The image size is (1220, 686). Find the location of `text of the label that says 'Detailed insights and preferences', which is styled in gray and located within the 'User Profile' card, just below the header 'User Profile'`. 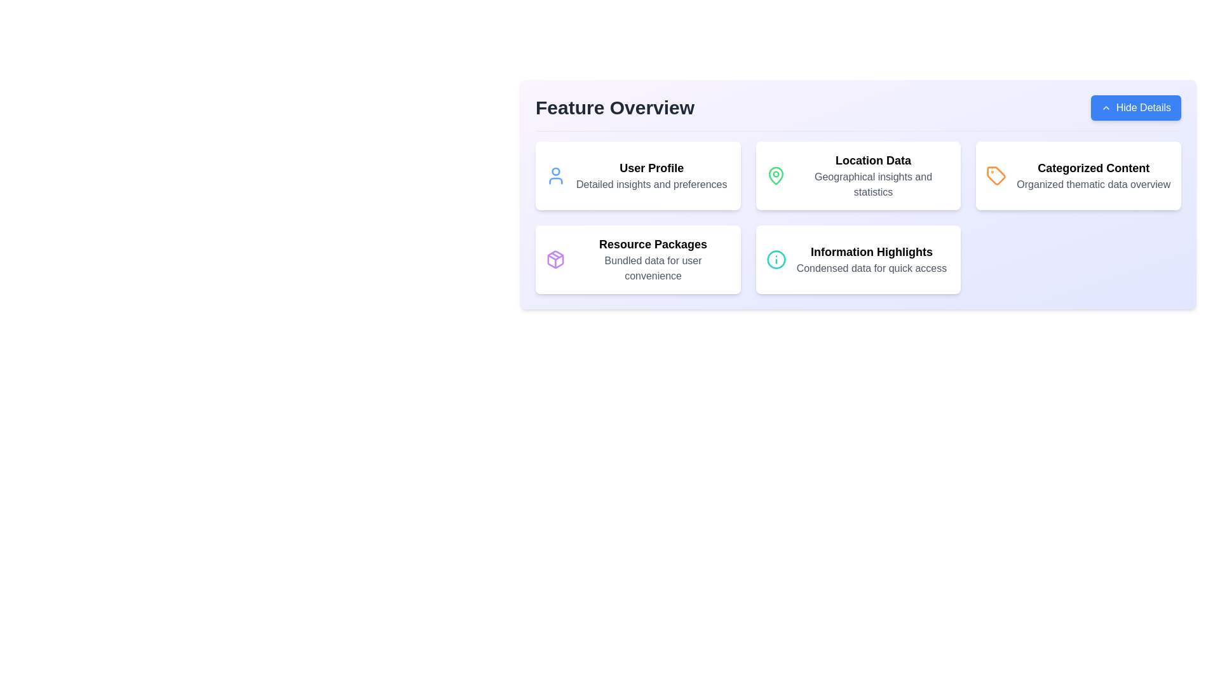

text of the label that says 'Detailed insights and preferences', which is styled in gray and located within the 'User Profile' card, just below the header 'User Profile' is located at coordinates (651, 184).